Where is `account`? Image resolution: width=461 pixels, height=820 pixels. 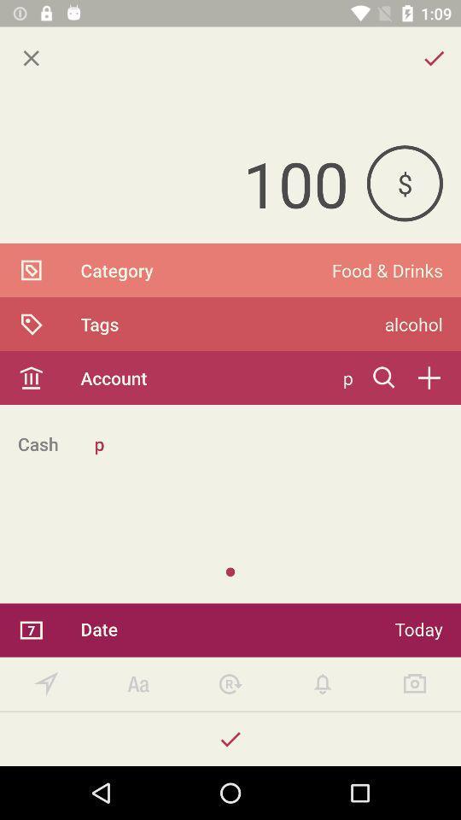 account is located at coordinates (428, 378).